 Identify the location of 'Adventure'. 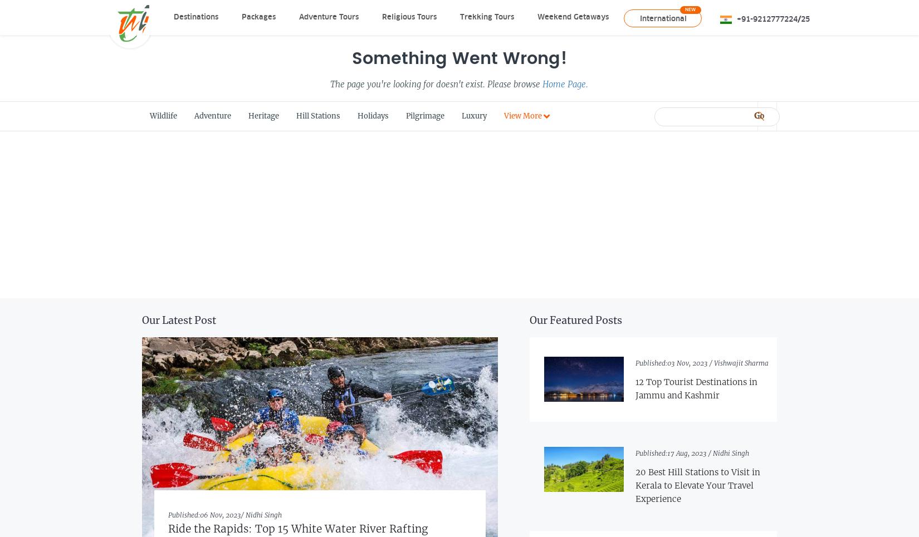
(212, 116).